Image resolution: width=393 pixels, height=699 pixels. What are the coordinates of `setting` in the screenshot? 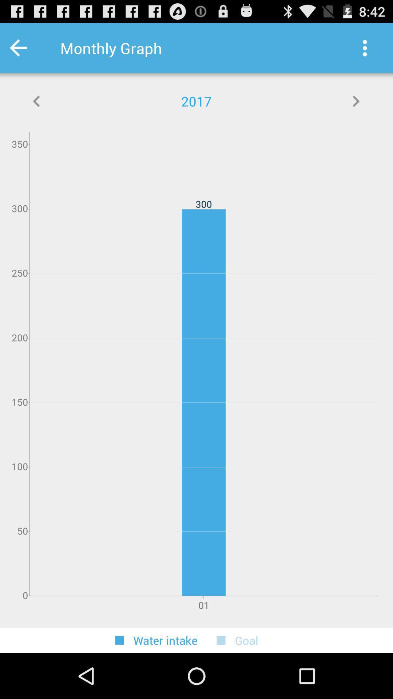 It's located at (365, 48).